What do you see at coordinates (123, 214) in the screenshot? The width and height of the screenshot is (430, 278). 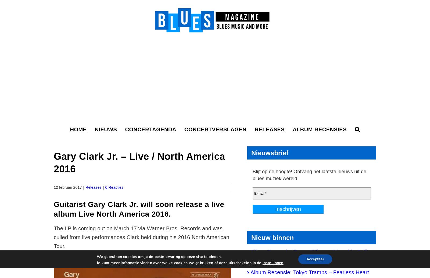 I see `'Live North America 2016'` at bounding box center [123, 214].